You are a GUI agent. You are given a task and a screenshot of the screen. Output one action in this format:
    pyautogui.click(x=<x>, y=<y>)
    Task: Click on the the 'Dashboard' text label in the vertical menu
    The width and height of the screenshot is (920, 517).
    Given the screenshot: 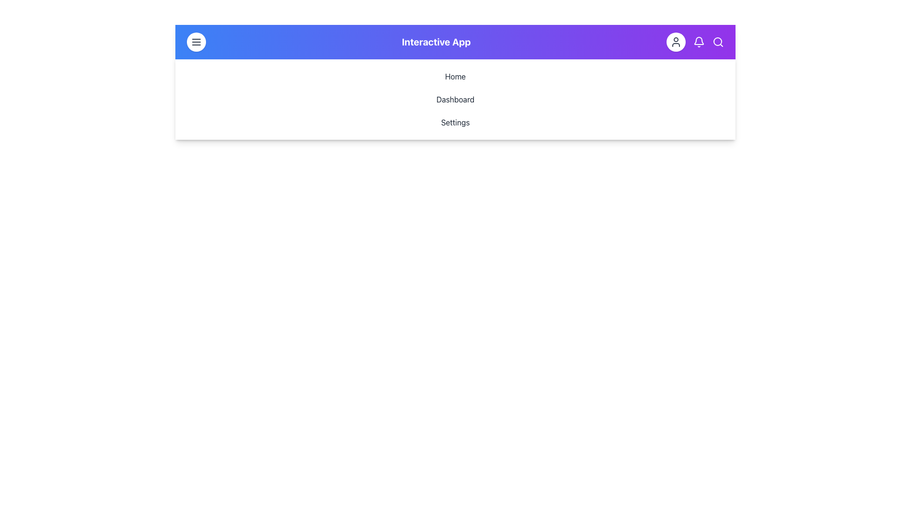 What is the action you would take?
    pyautogui.click(x=455, y=100)
    